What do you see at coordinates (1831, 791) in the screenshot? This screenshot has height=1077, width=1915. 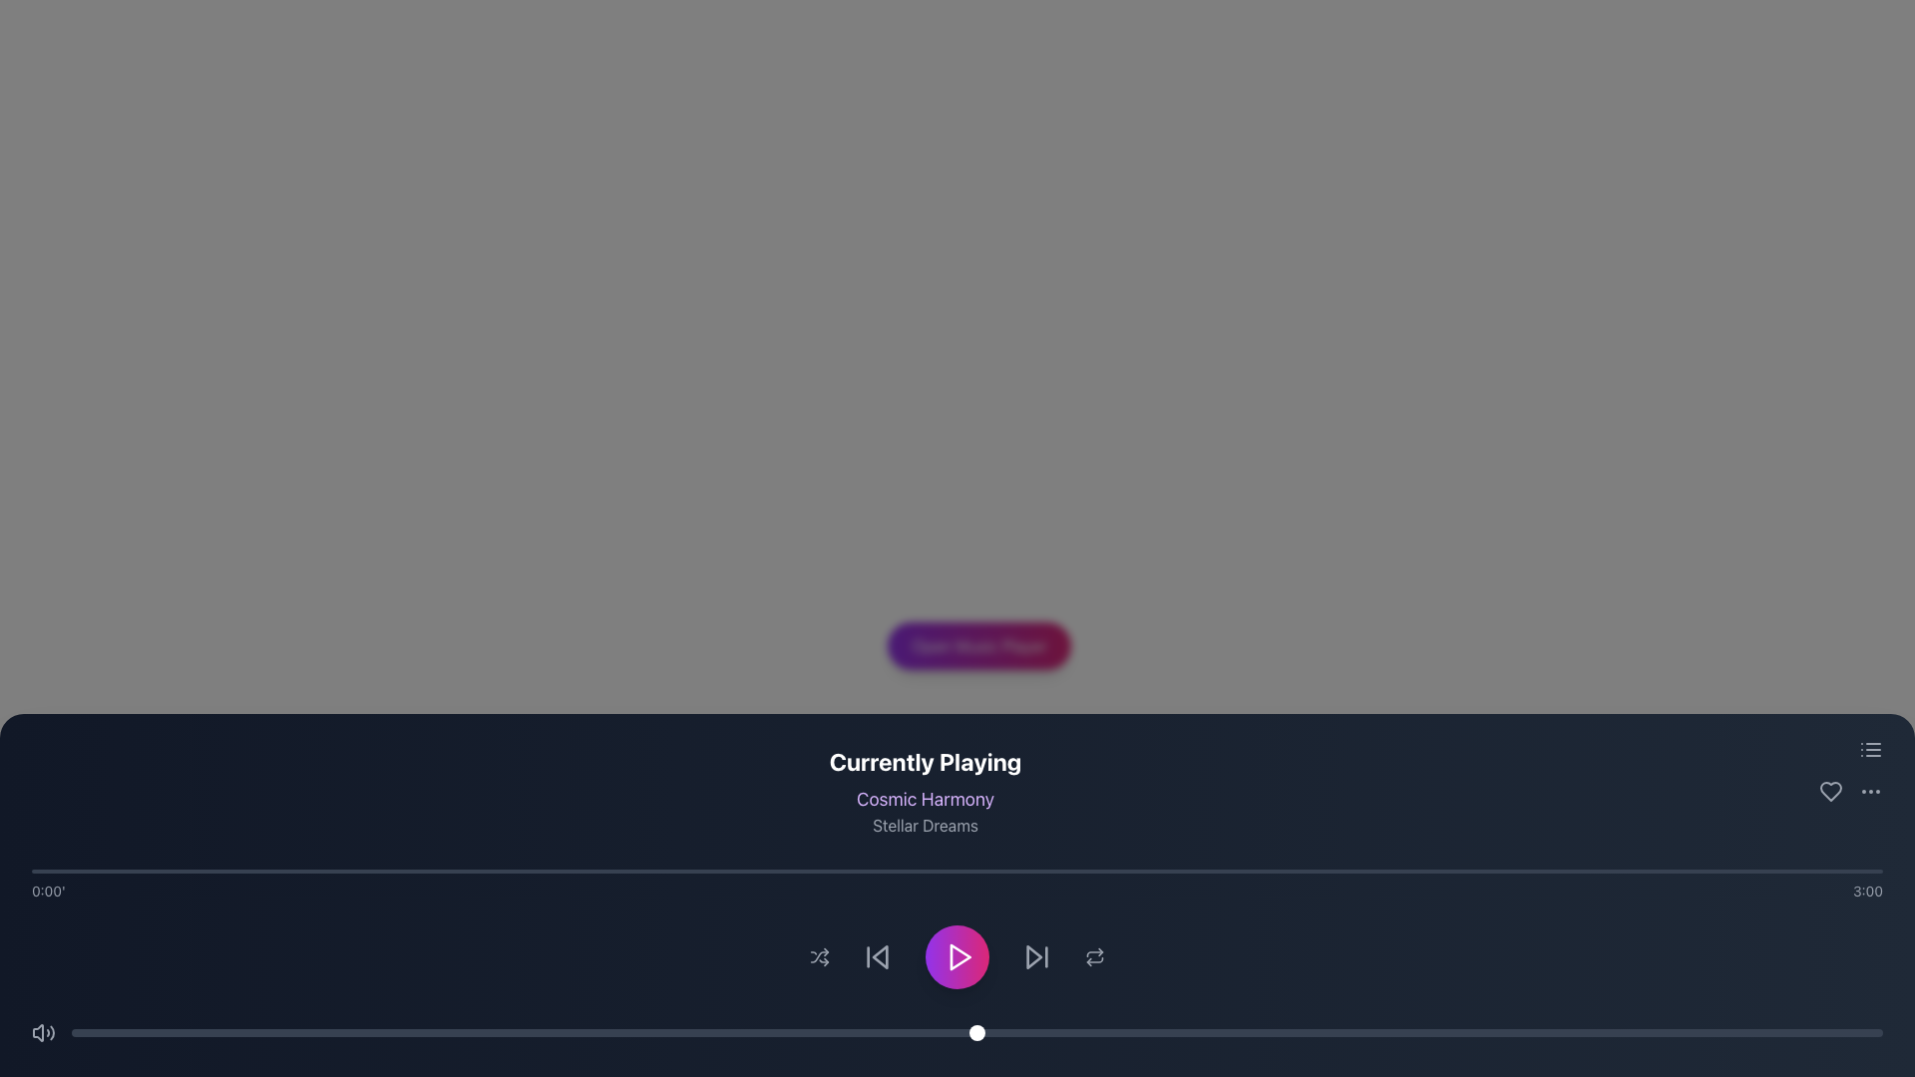 I see `the heart-shaped icon button in the media player's interface to mark or unmark the current media as a favorite` at bounding box center [1831, 791].